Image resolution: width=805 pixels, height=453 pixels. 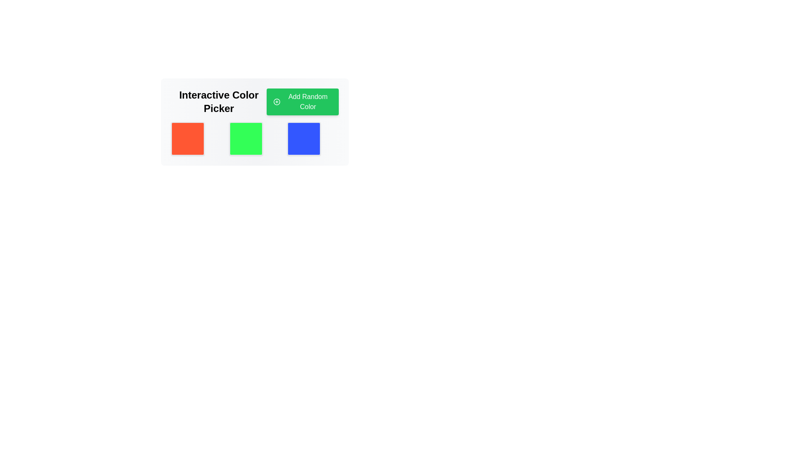 What do you see at coordinates (304, 138) in the screenshot?
I see `the blue square color block, which is the third element in the row of three squares in the 'Interactive Color Picker' section` at bounding box center [304, 138].